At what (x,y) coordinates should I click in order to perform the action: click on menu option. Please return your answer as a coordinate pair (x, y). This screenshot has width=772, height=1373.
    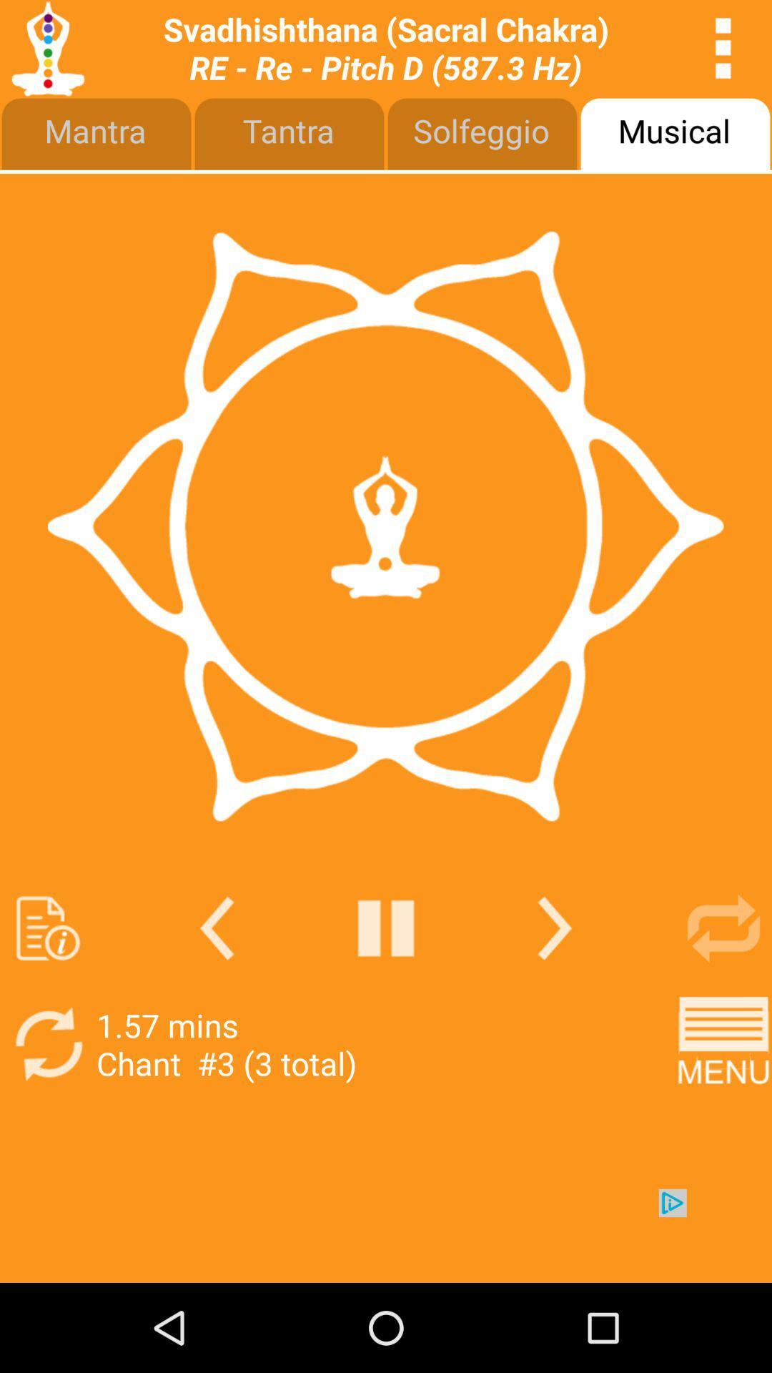
    Looking at the image, I should click on (723, 1044).